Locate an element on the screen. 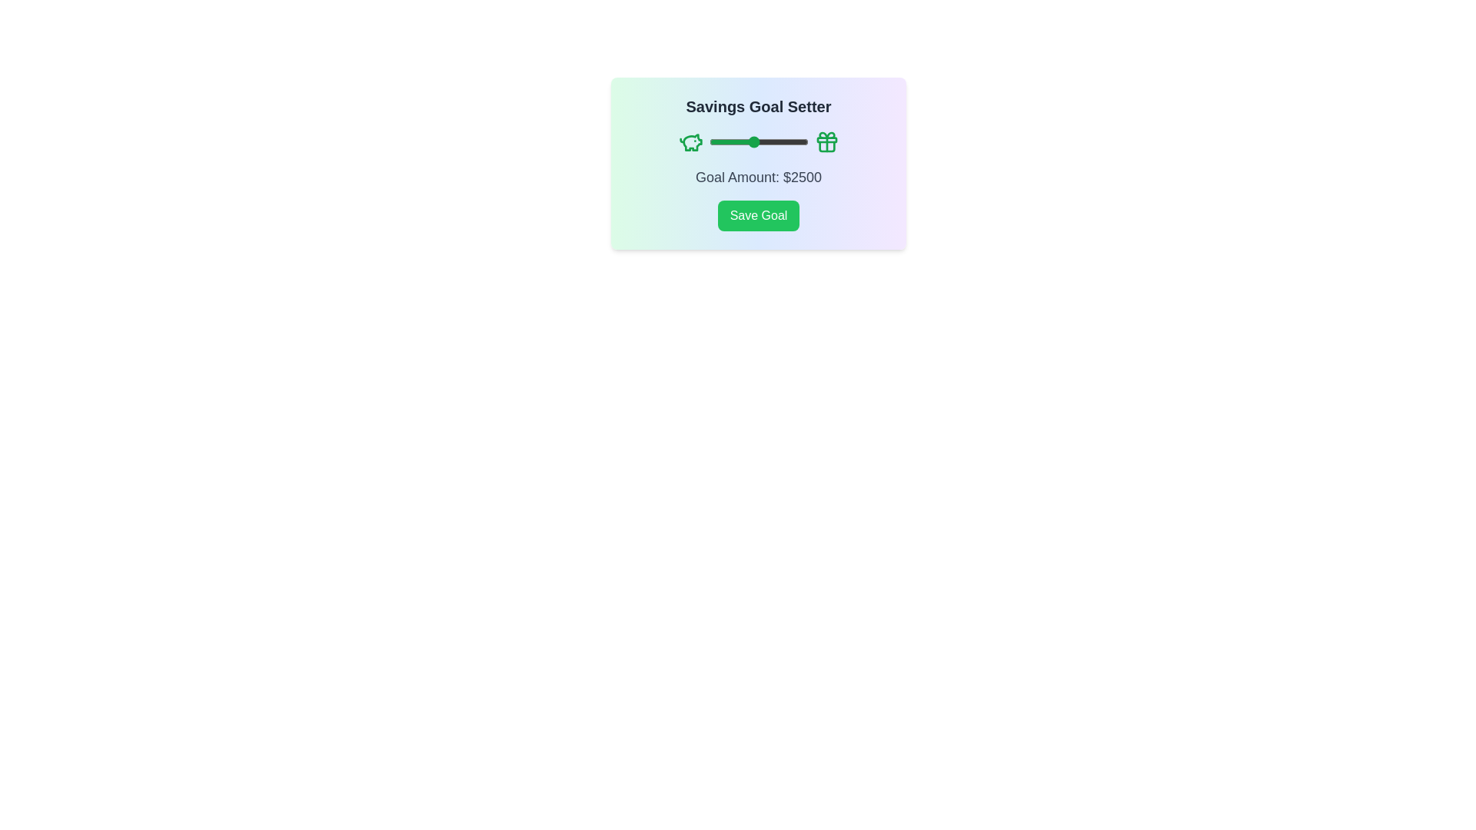 The height and width of the screenshot is (830, 1476). the slider to set the goal amount to 3956 is located at coordinates (785, 142).